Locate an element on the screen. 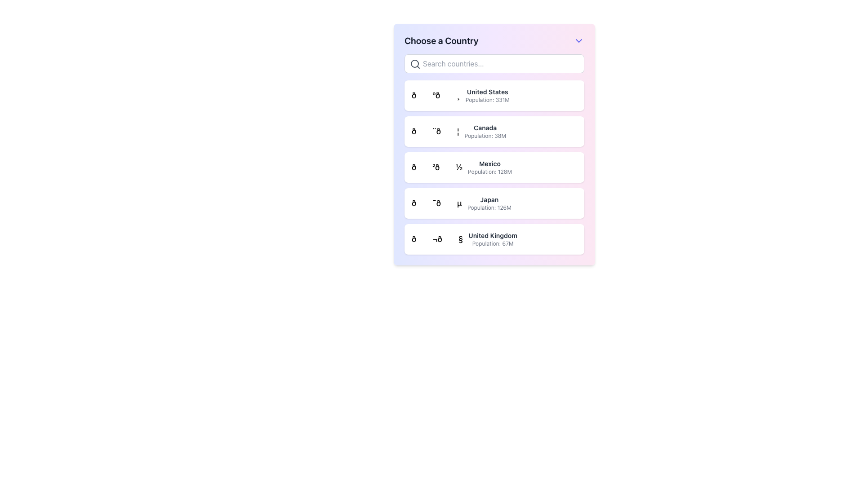 Image resolution: width=863 pixels, height=485 pixels. the emoji flag representing the country in the list of country entries, specifically located under the 'United States' entry is located at coordinates (436, 95).